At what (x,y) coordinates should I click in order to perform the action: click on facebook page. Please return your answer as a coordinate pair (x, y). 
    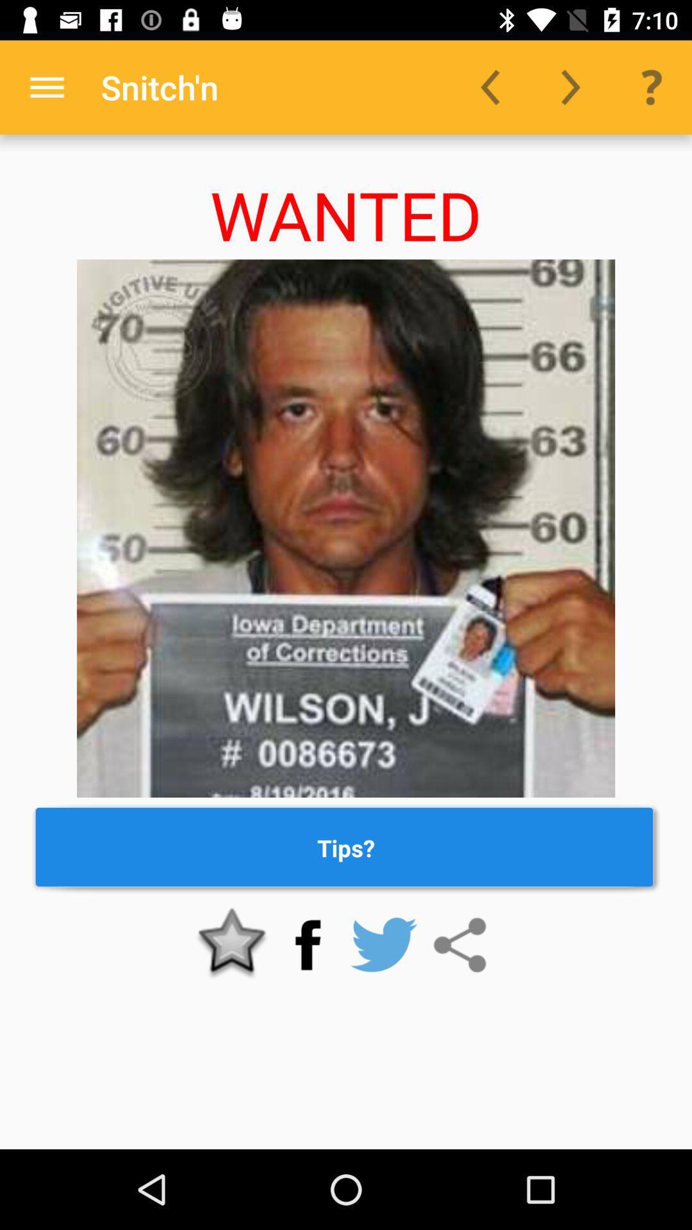
    Looking at the image, I should click on (308, 945).